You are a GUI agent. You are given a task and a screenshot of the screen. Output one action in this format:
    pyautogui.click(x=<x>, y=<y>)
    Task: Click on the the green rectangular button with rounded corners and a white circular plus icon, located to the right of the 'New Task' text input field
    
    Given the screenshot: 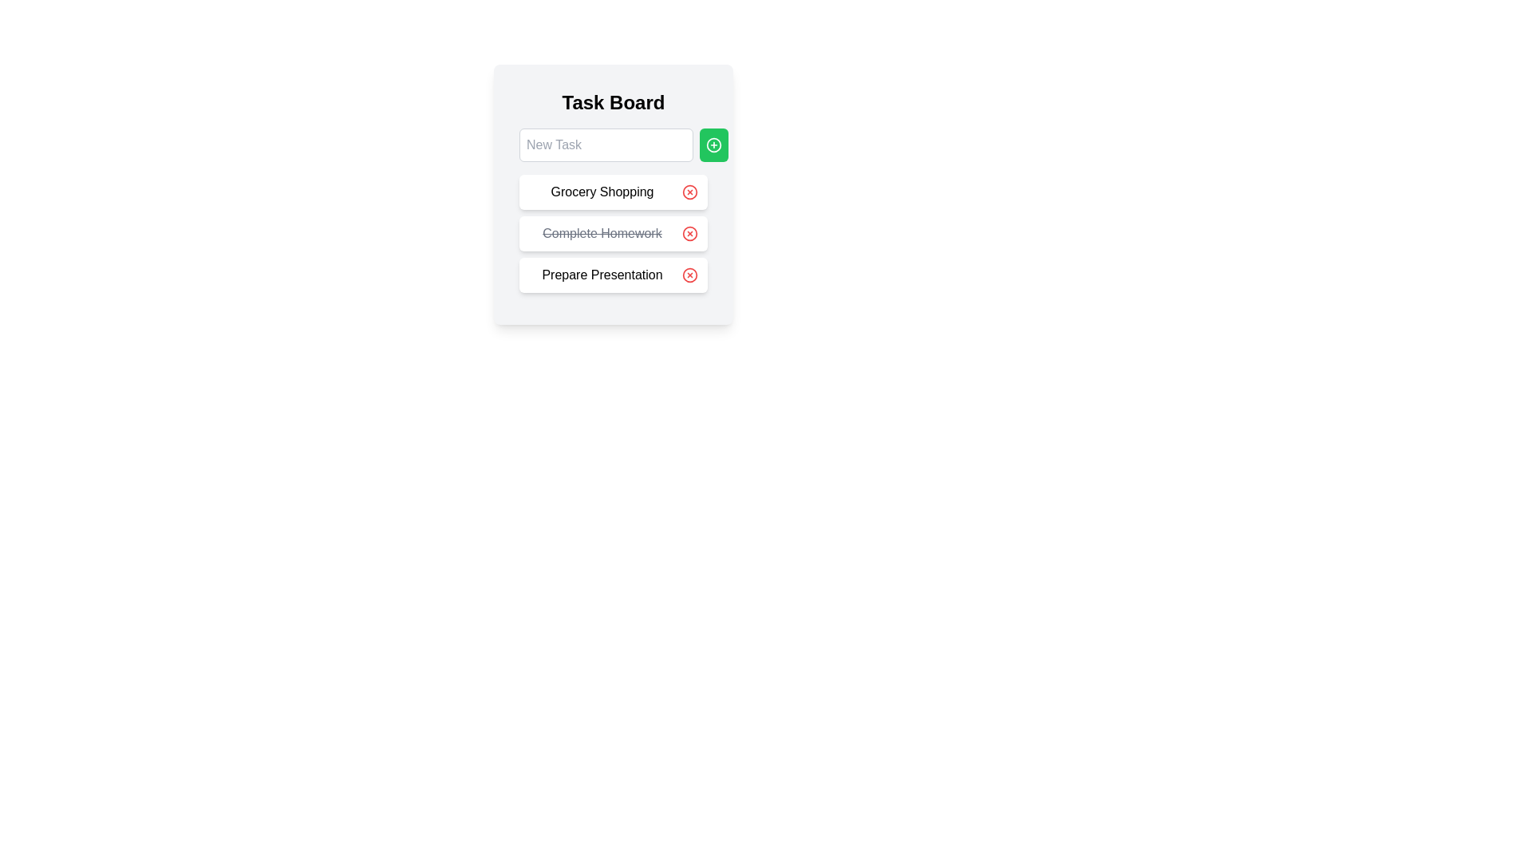 What is the action you would take?
    pyautogui.click(x=713, y=144)
    